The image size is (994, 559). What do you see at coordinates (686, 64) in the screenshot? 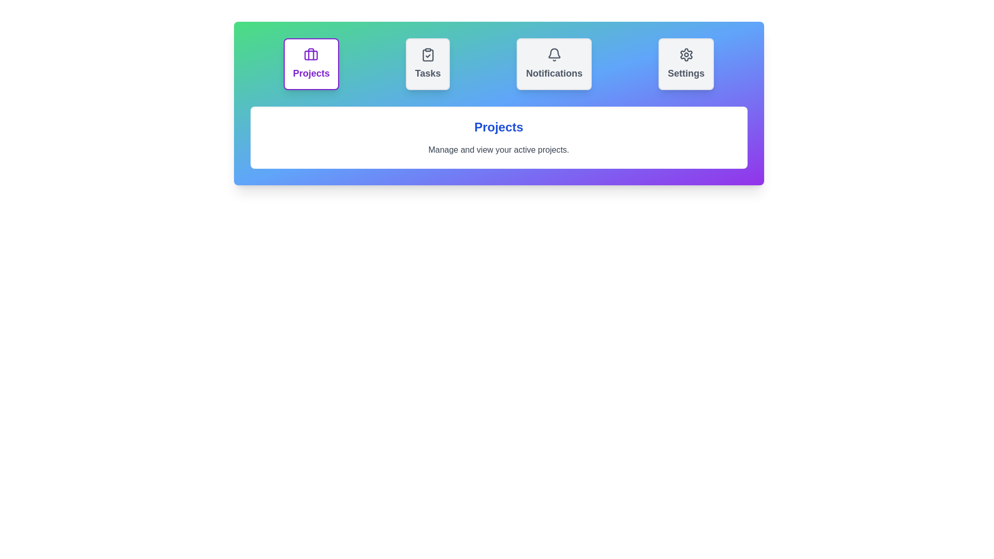
I see `the Settings tab` at bounding box center [686, 64].